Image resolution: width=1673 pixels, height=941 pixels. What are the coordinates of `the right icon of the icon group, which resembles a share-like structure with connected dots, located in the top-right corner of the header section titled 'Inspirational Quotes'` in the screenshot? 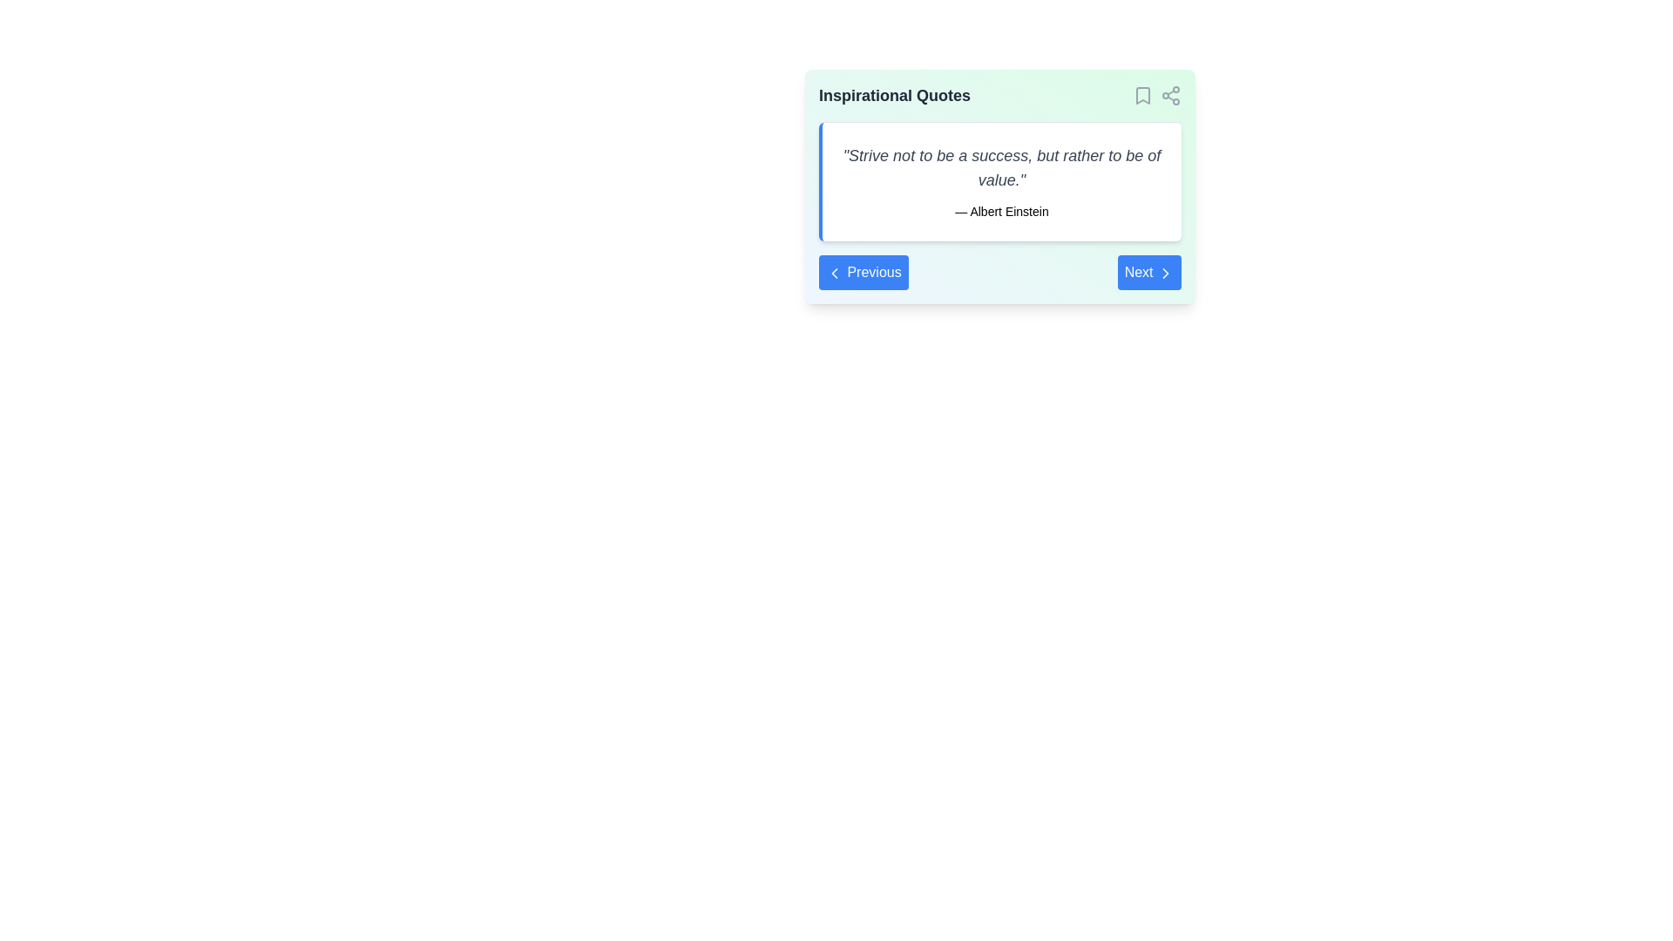 It's located at (1157, 96).